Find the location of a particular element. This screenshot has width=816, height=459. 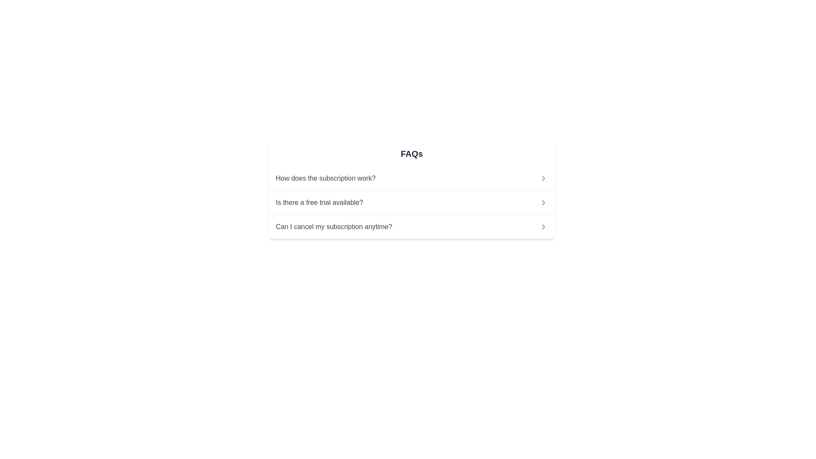

the first Text Label in the FAQs section to expand and reveal more information is located at coordinates (325, 178).